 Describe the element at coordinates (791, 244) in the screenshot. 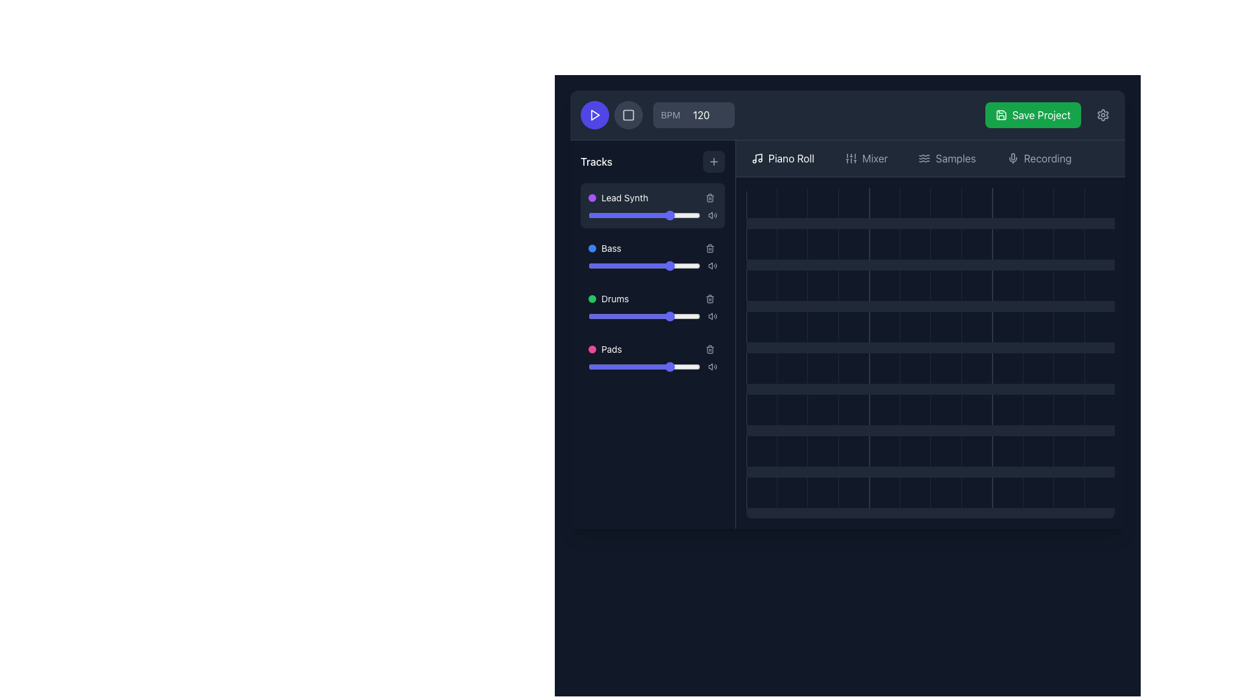

I see `the second square grid cell in the second row of the grid layout, which serves as a visual element for selection indication` at that location.